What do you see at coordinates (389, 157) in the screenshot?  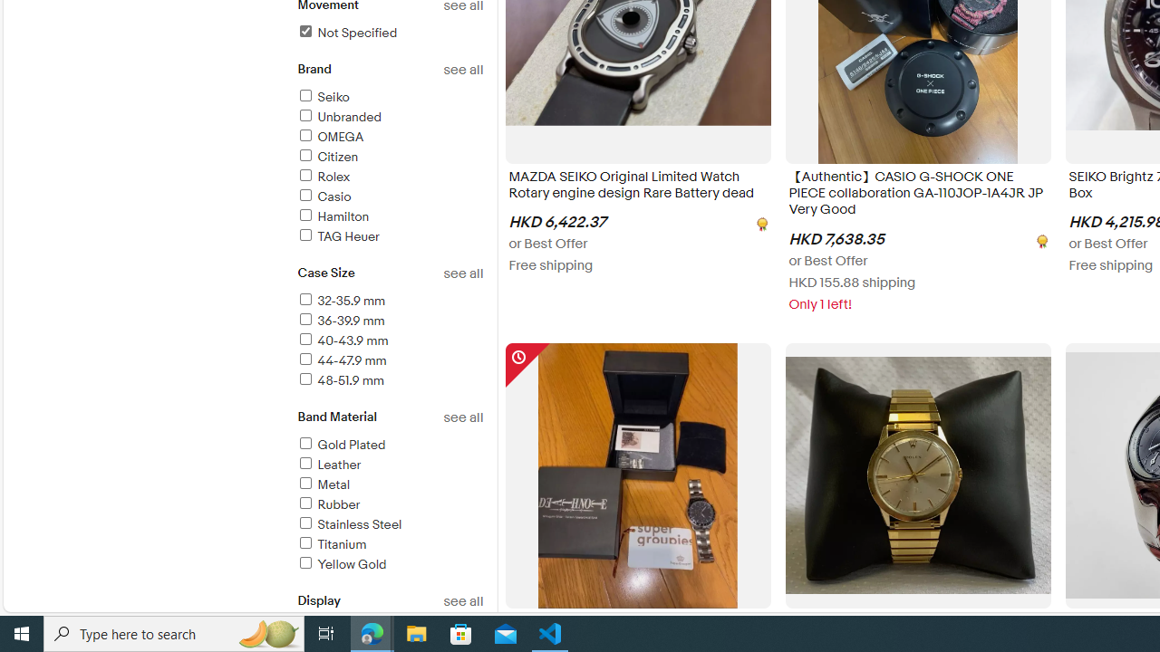 I see `'Citizen'` at bounding box center [389, 157].